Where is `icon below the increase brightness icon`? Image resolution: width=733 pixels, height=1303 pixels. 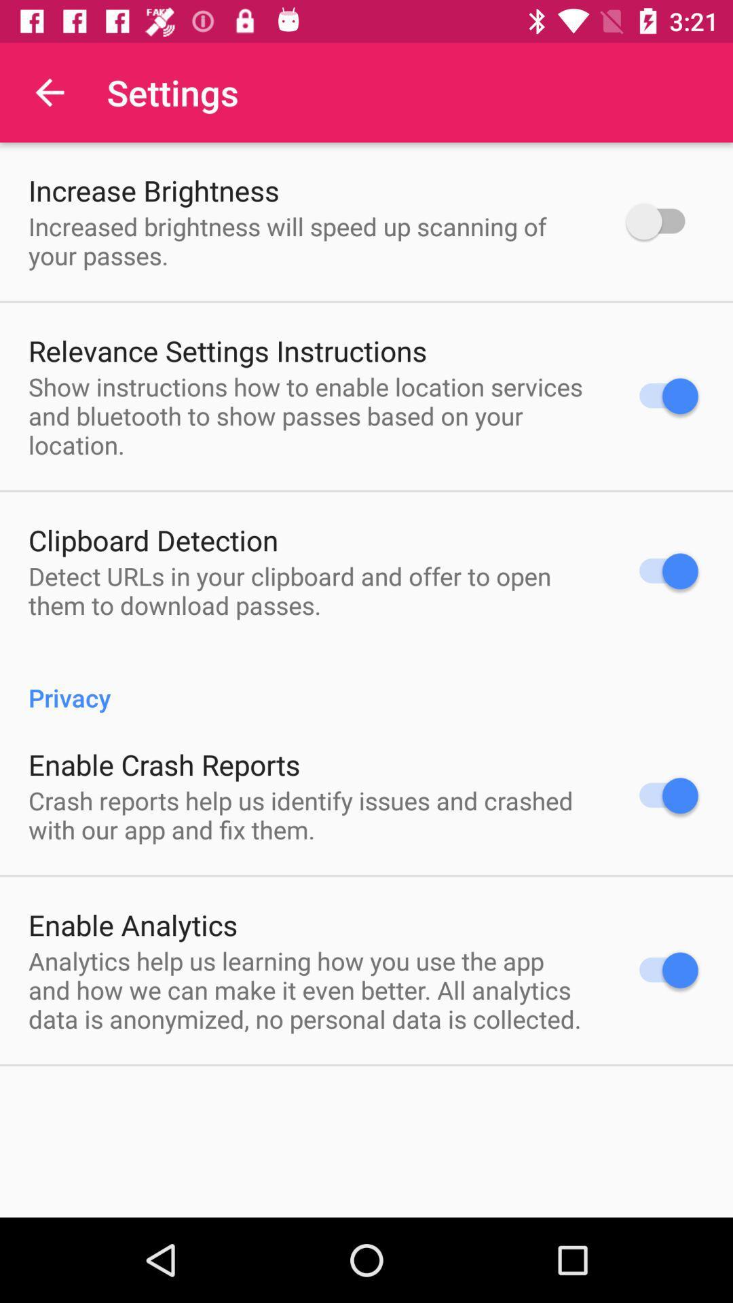
icon below the increase brightness icon is located at coordinates (309, 241).